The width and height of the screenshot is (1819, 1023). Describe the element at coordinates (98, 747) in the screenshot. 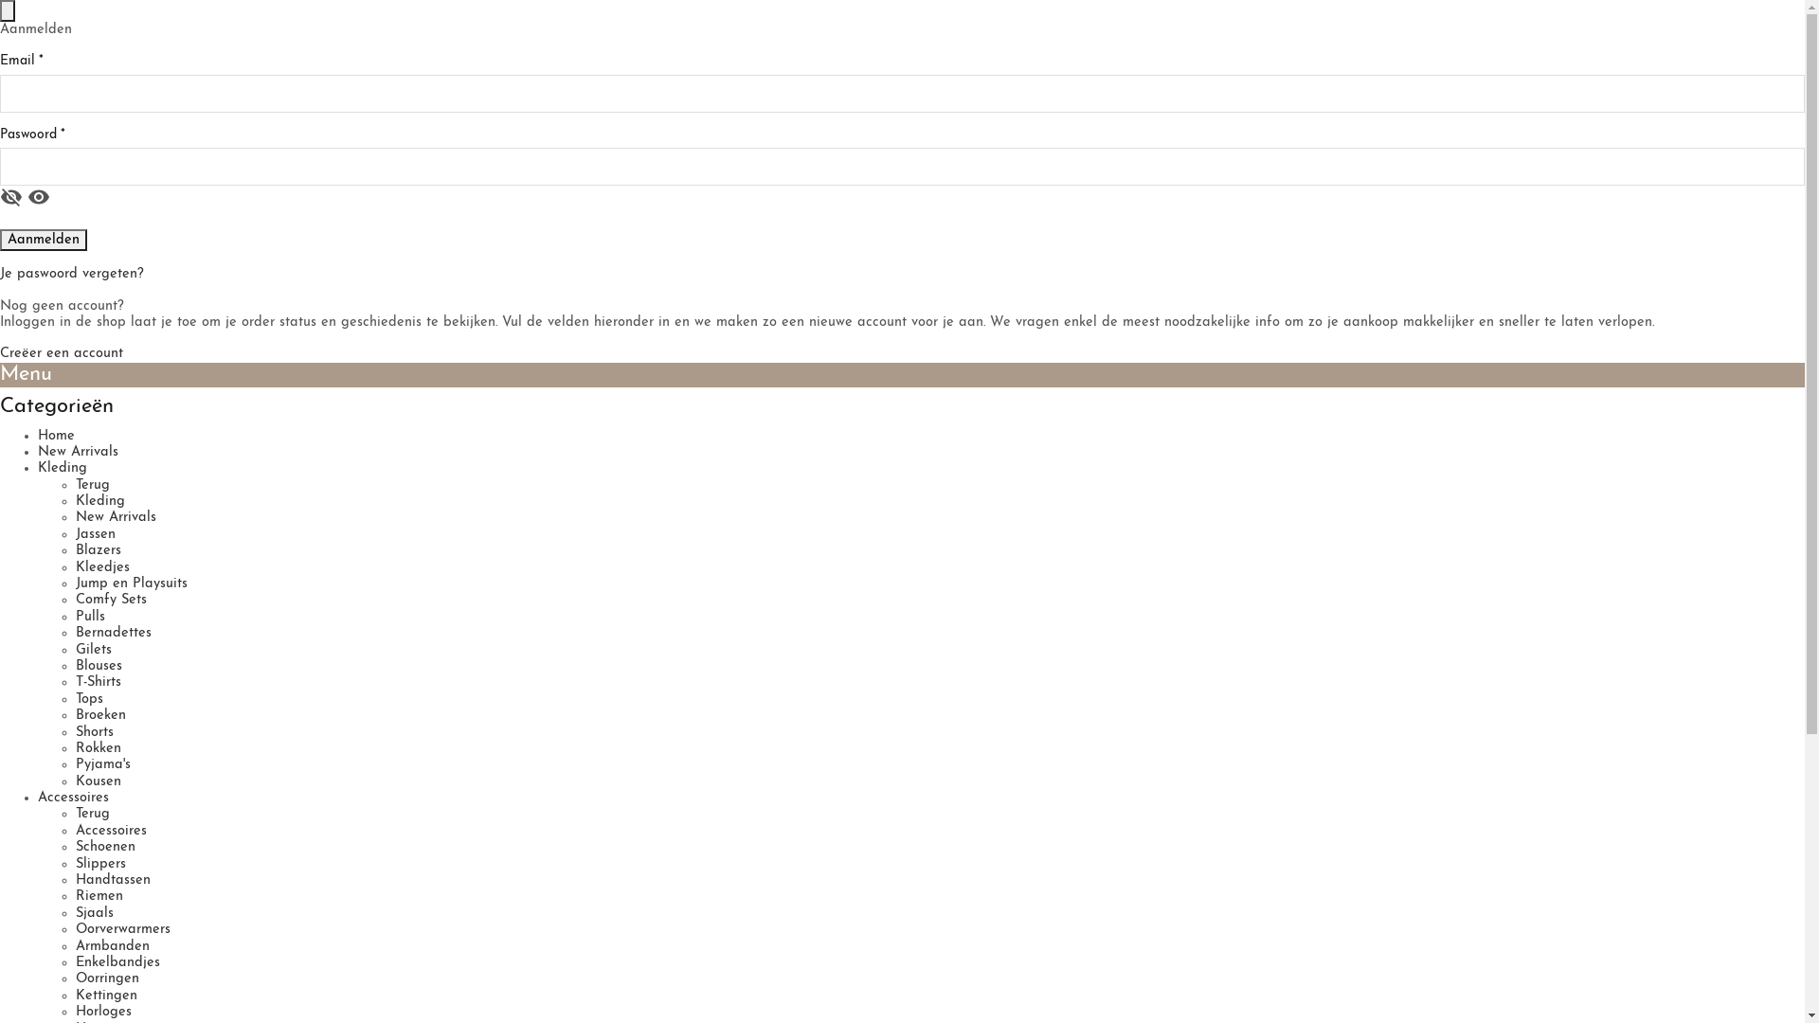

I see `'Rokken'` at that location.